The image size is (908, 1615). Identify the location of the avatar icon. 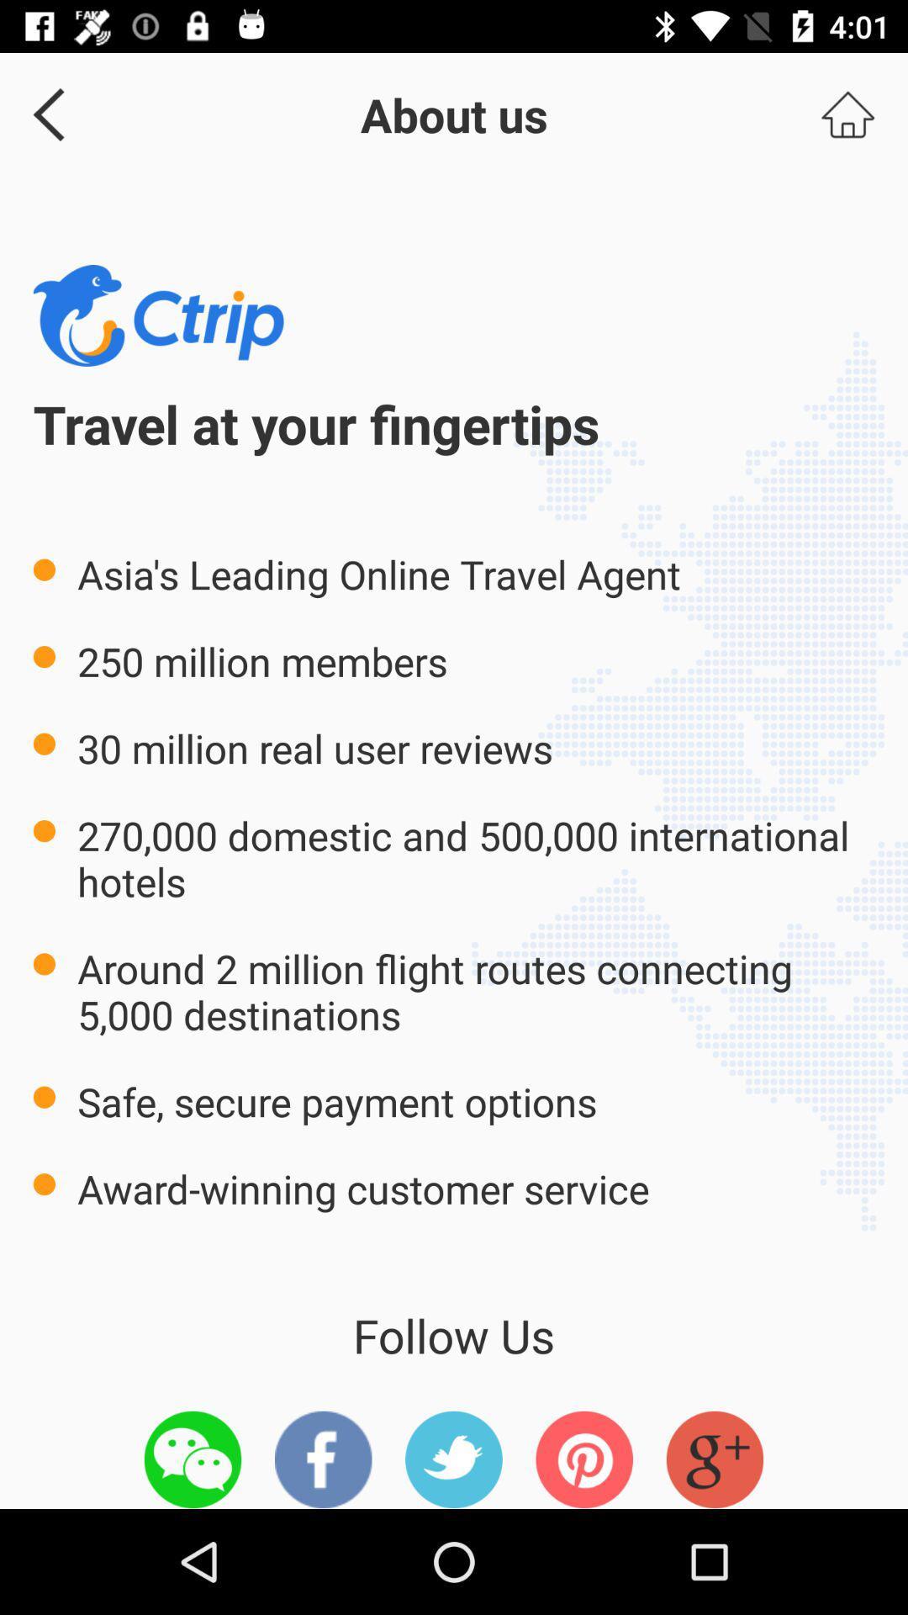
(715, 1459).